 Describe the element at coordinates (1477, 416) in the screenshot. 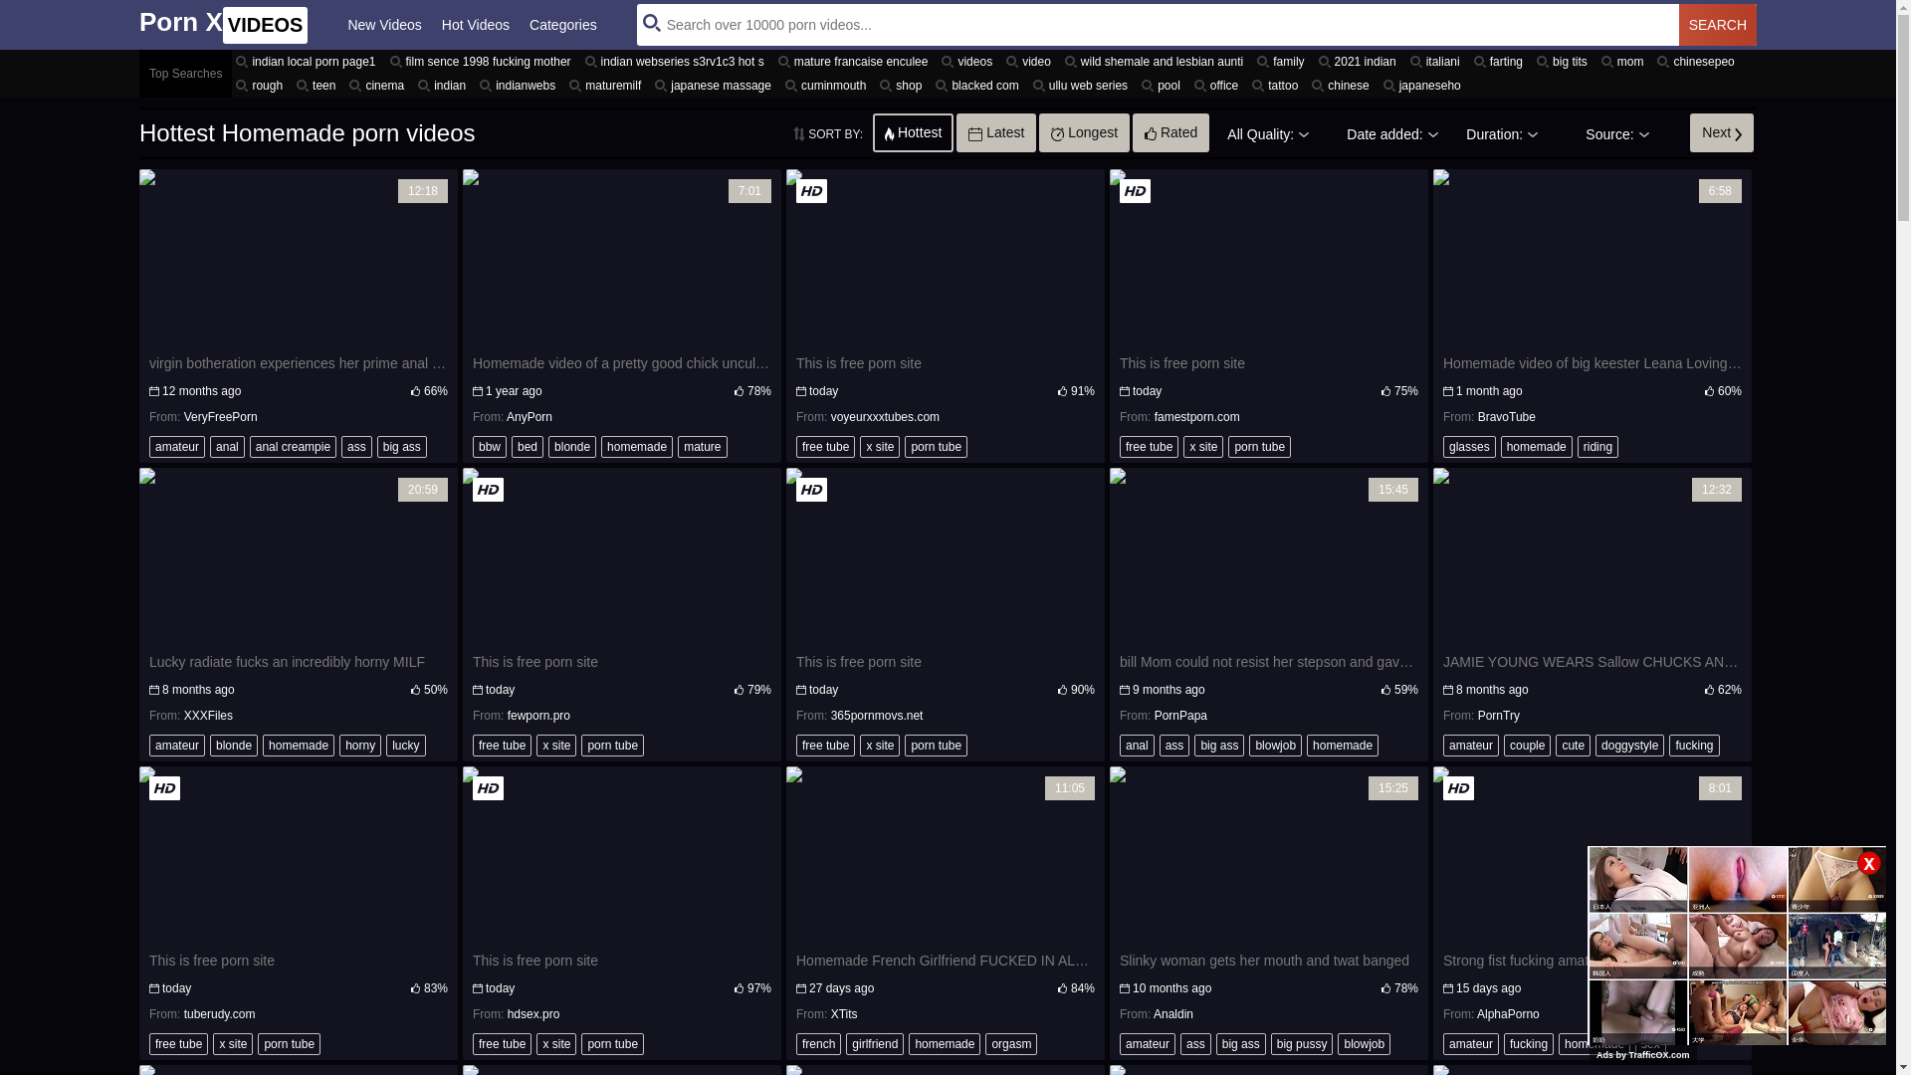

I see `'BravoTube'` at that location.